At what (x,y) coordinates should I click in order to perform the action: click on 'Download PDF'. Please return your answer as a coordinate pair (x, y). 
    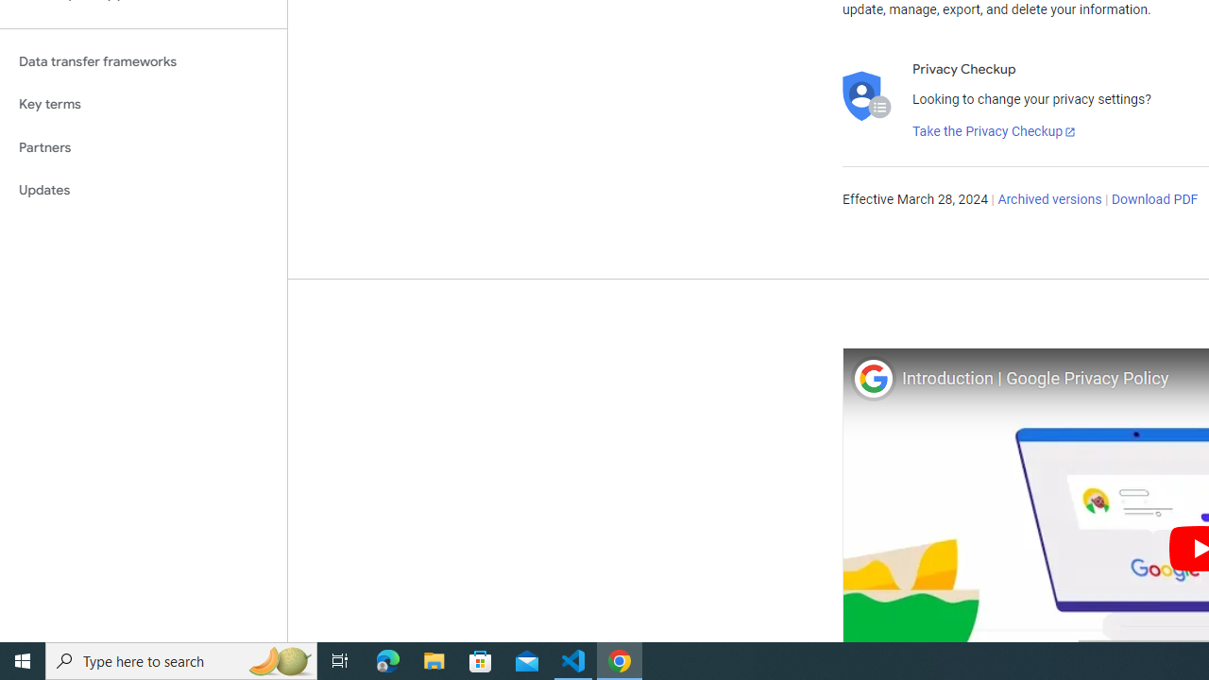
    Looking at the image, I should click on (1153, 200).